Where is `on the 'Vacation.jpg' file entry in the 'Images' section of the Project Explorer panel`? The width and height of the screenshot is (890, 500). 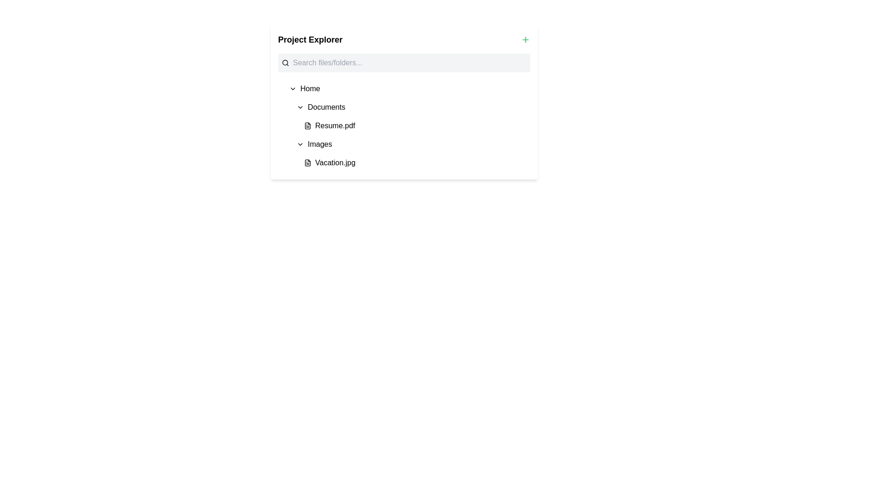
on the 'Vacation.jpg' file entry in the 'Images' section of the Project Explorer panel is located at coordinates (415, 162).